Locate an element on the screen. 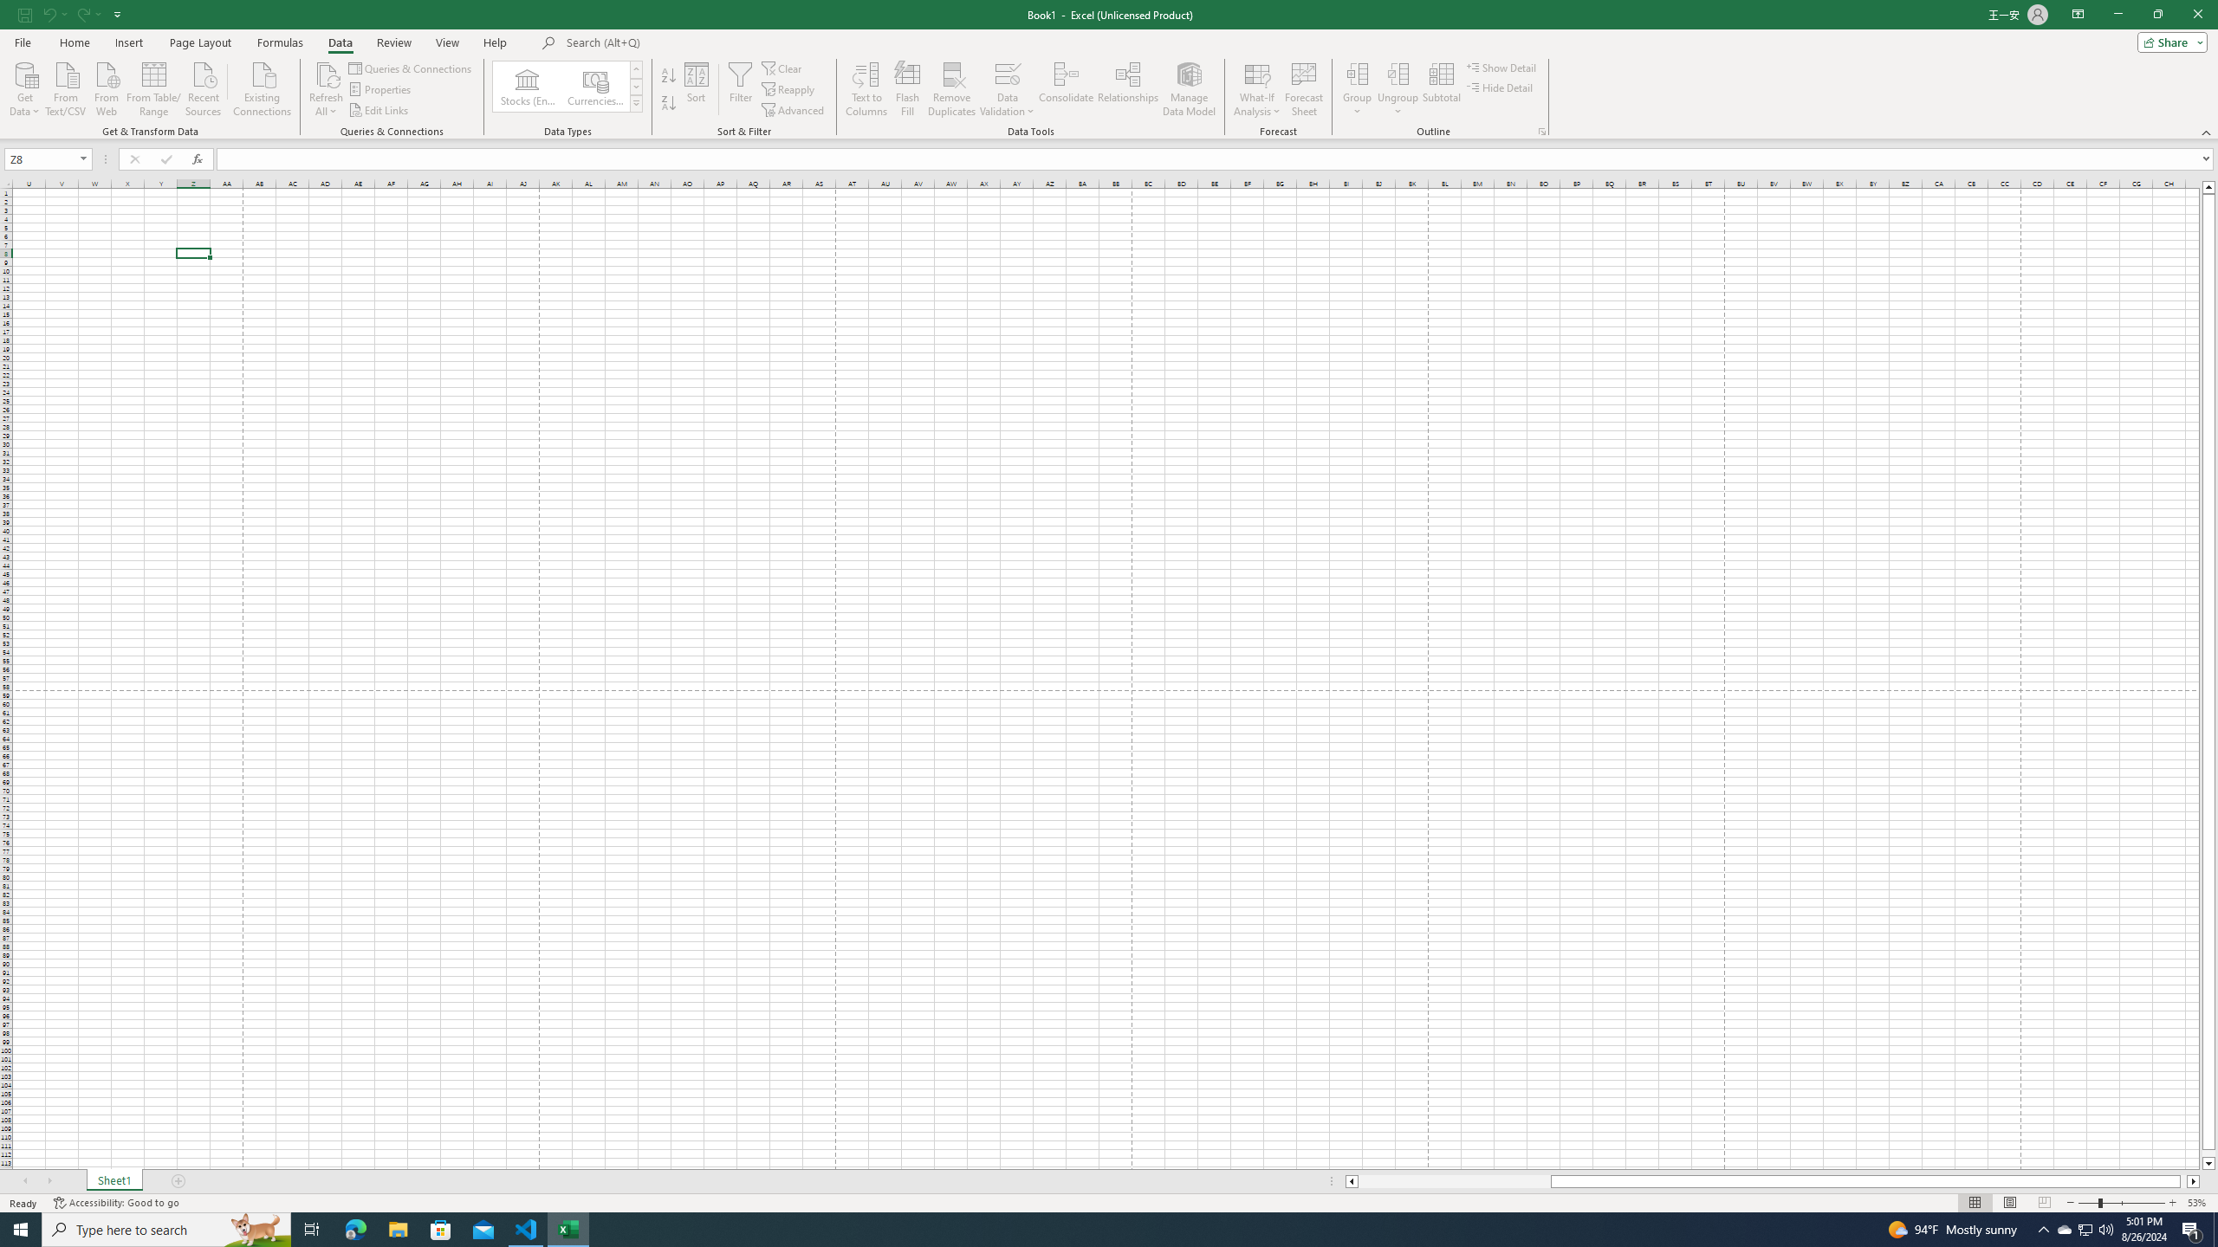 The image size is (2218, 1247). 'Filter' is located at coordinates (741, 89).